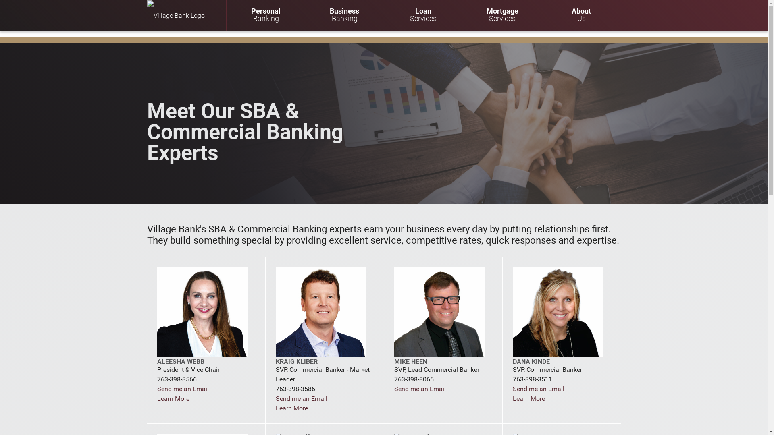 This screenshot has width=774, height=435. Describe the element at coordinates (528, 398) in the screenshot. I see `'Learn More'` at that location.